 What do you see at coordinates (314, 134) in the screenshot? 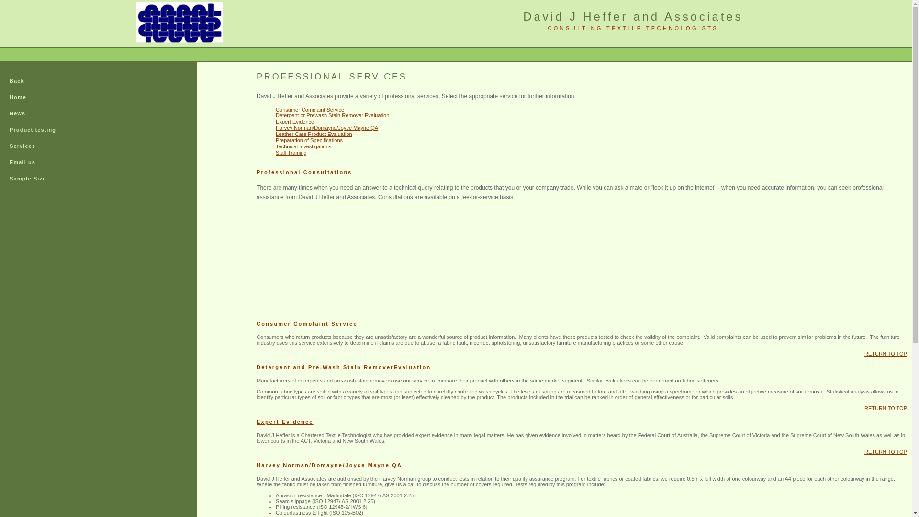
I see `'Leather Care Product Evaluation'` at bounding box center [314, 134].